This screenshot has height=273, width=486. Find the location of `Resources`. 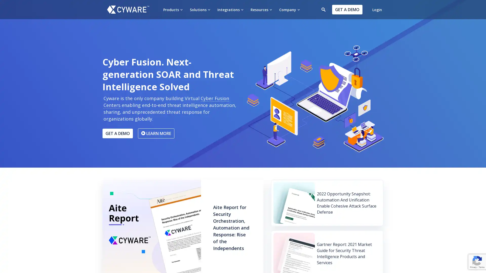

Resources is located at coordinates (261, 9).